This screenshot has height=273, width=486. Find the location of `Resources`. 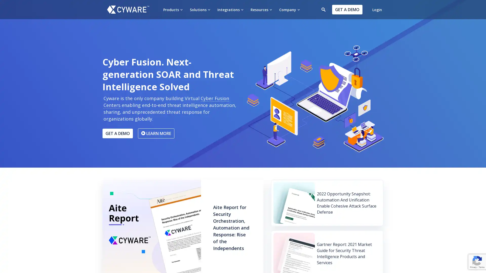

Resources is located at coordinates (261, 9).